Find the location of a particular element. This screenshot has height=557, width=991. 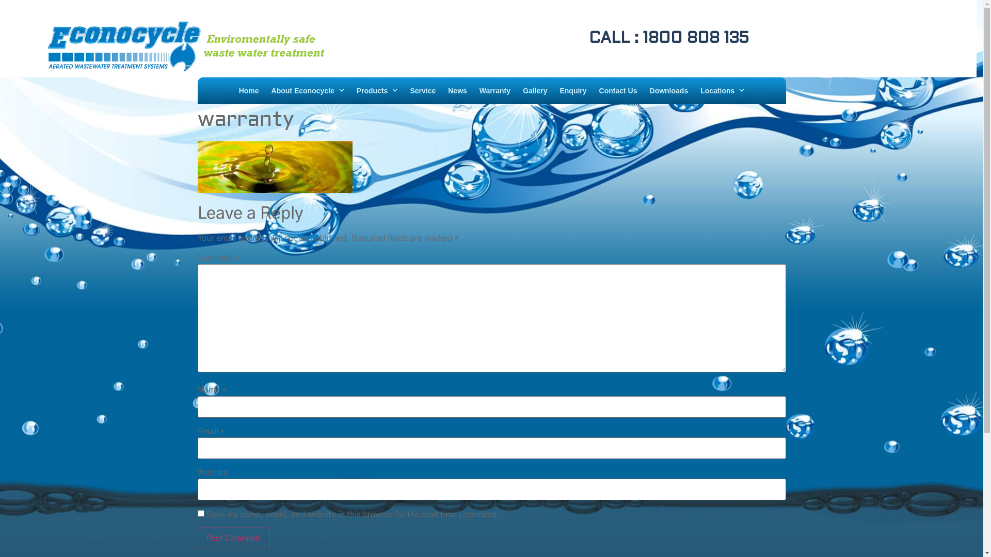

'Warranty' is located at coordinates (494, 90).